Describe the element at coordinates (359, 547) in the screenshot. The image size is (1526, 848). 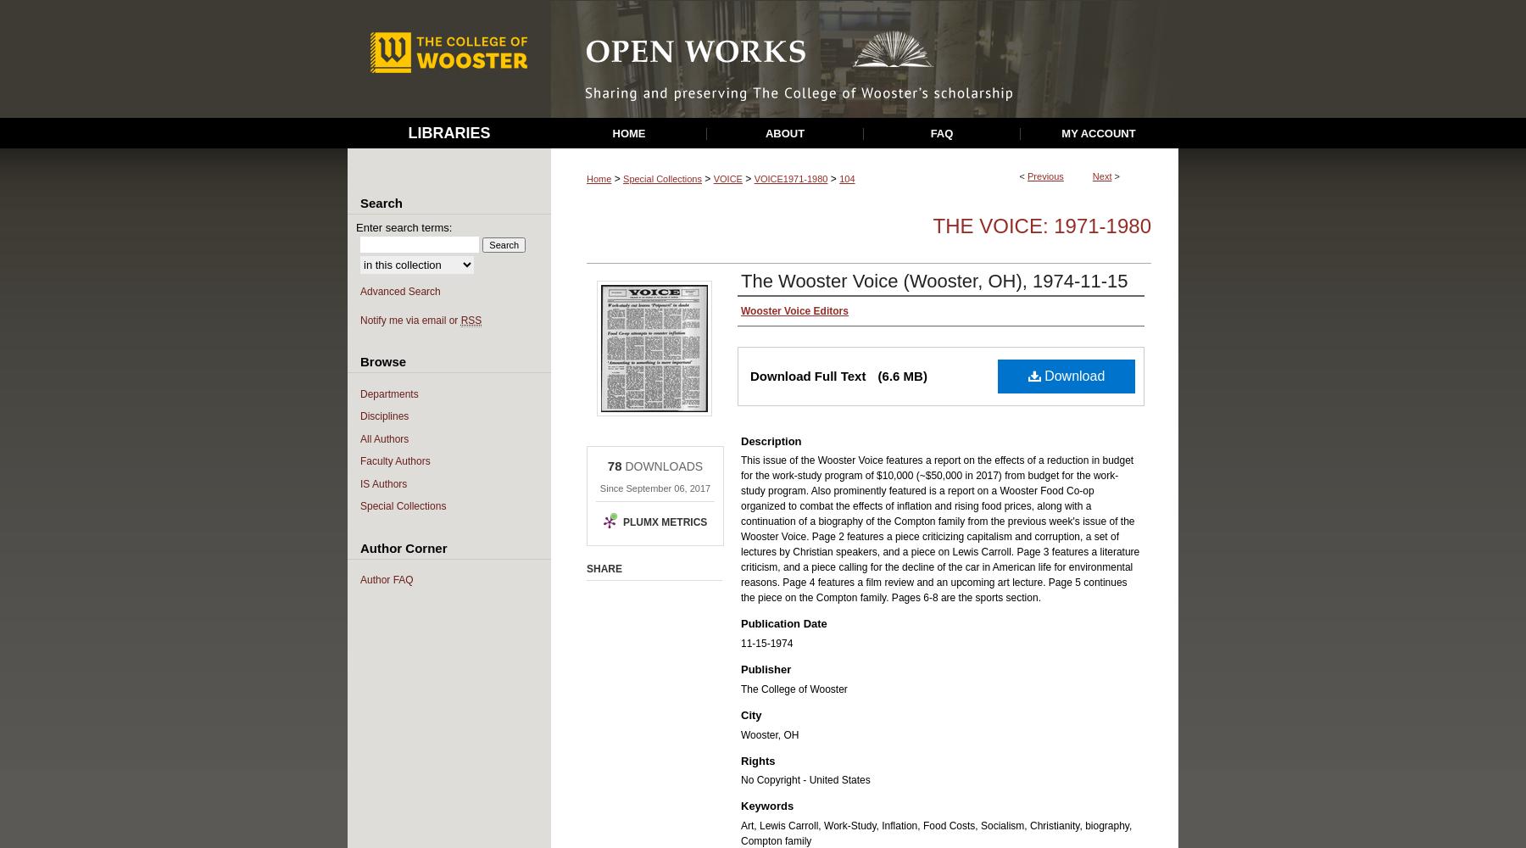
I see `'Author Corner'` at that location.